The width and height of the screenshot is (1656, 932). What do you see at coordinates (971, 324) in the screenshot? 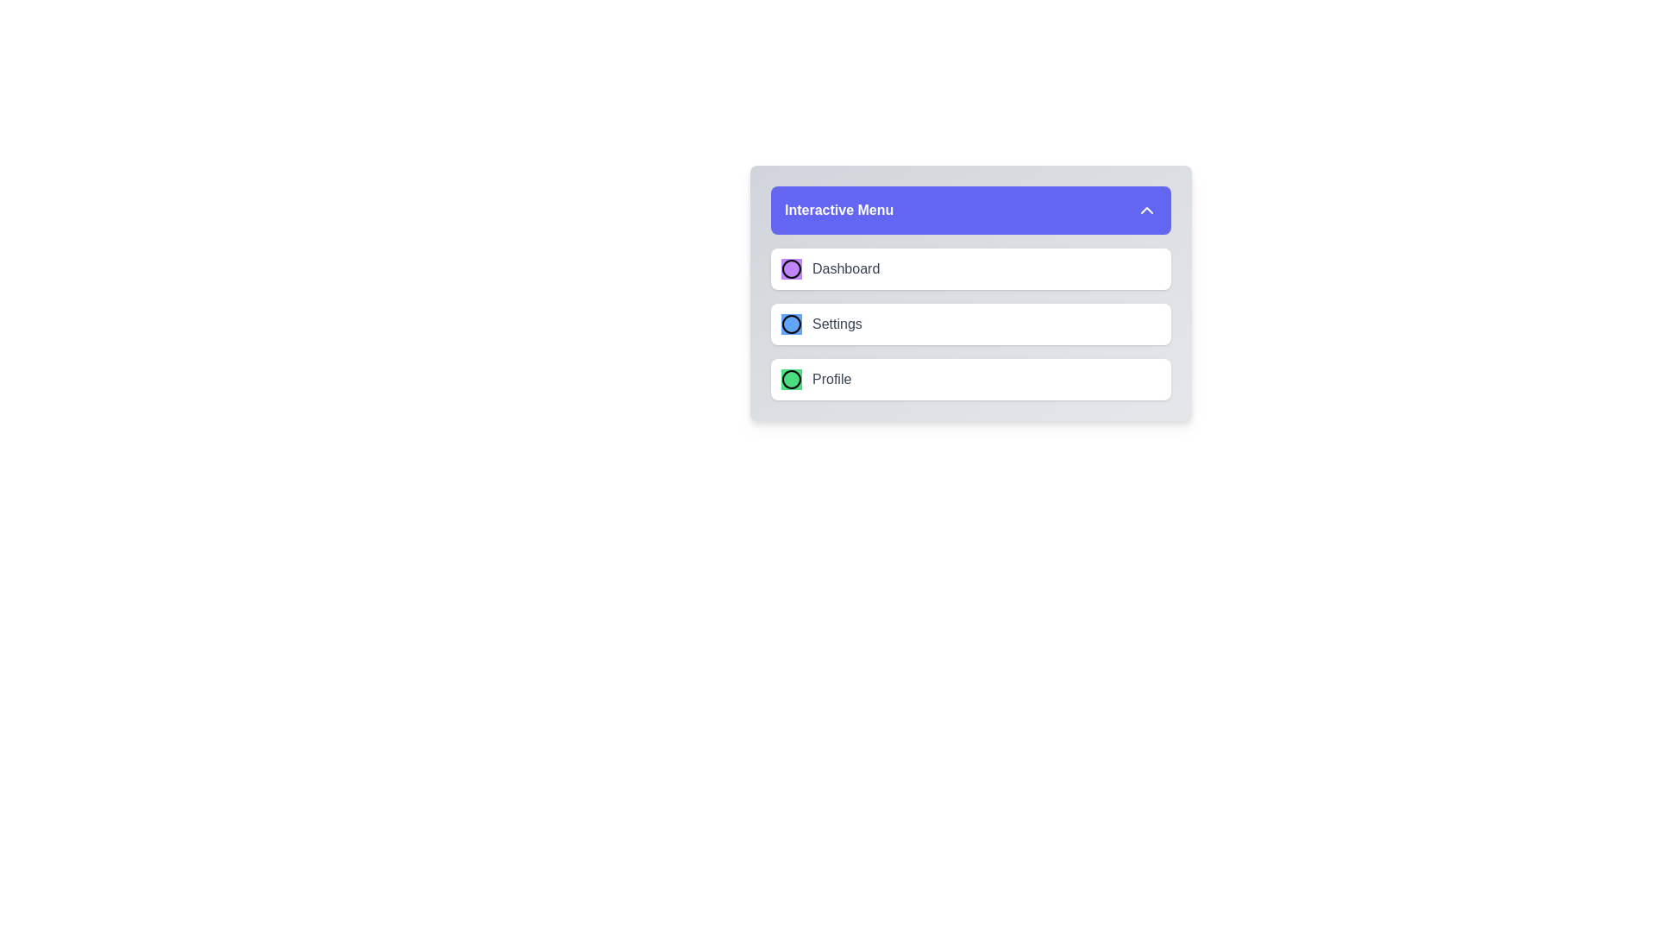
I see `the menu item Settings from the EnhancedMenu` at bounding box center [971, 324].